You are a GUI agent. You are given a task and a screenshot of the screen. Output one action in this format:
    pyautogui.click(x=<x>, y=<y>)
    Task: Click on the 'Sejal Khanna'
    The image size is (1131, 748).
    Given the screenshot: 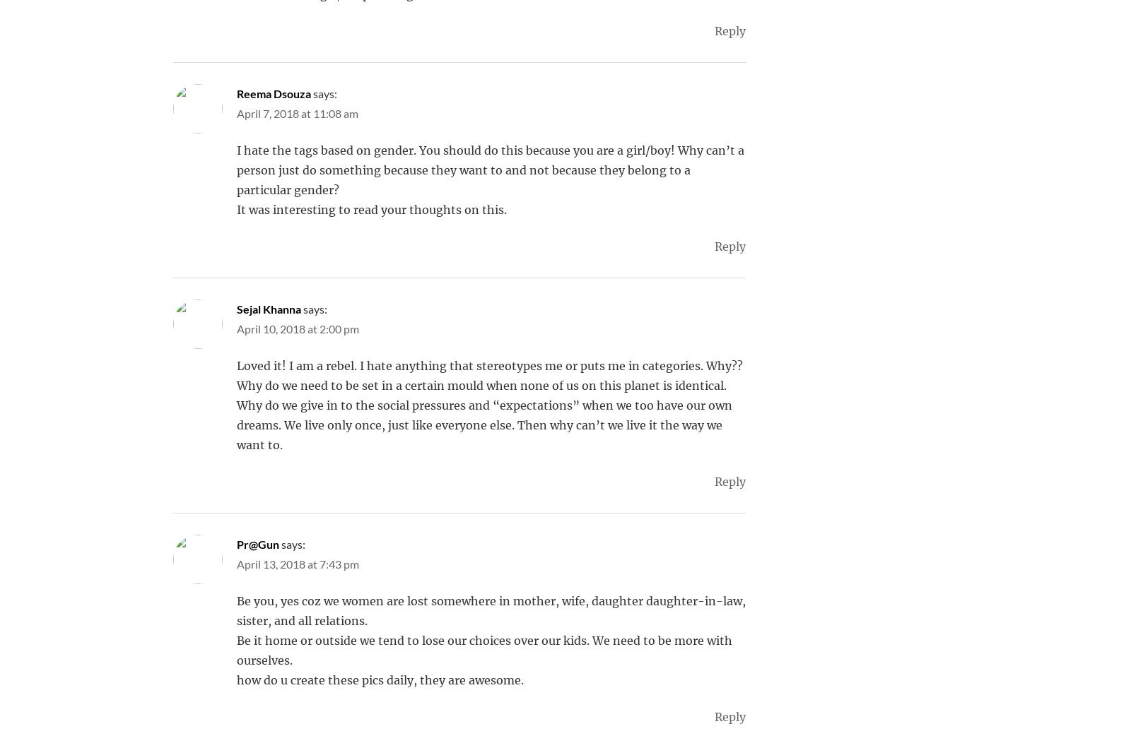 What is the action you would take?
    pyautogui.click(x=269, y=309)
    